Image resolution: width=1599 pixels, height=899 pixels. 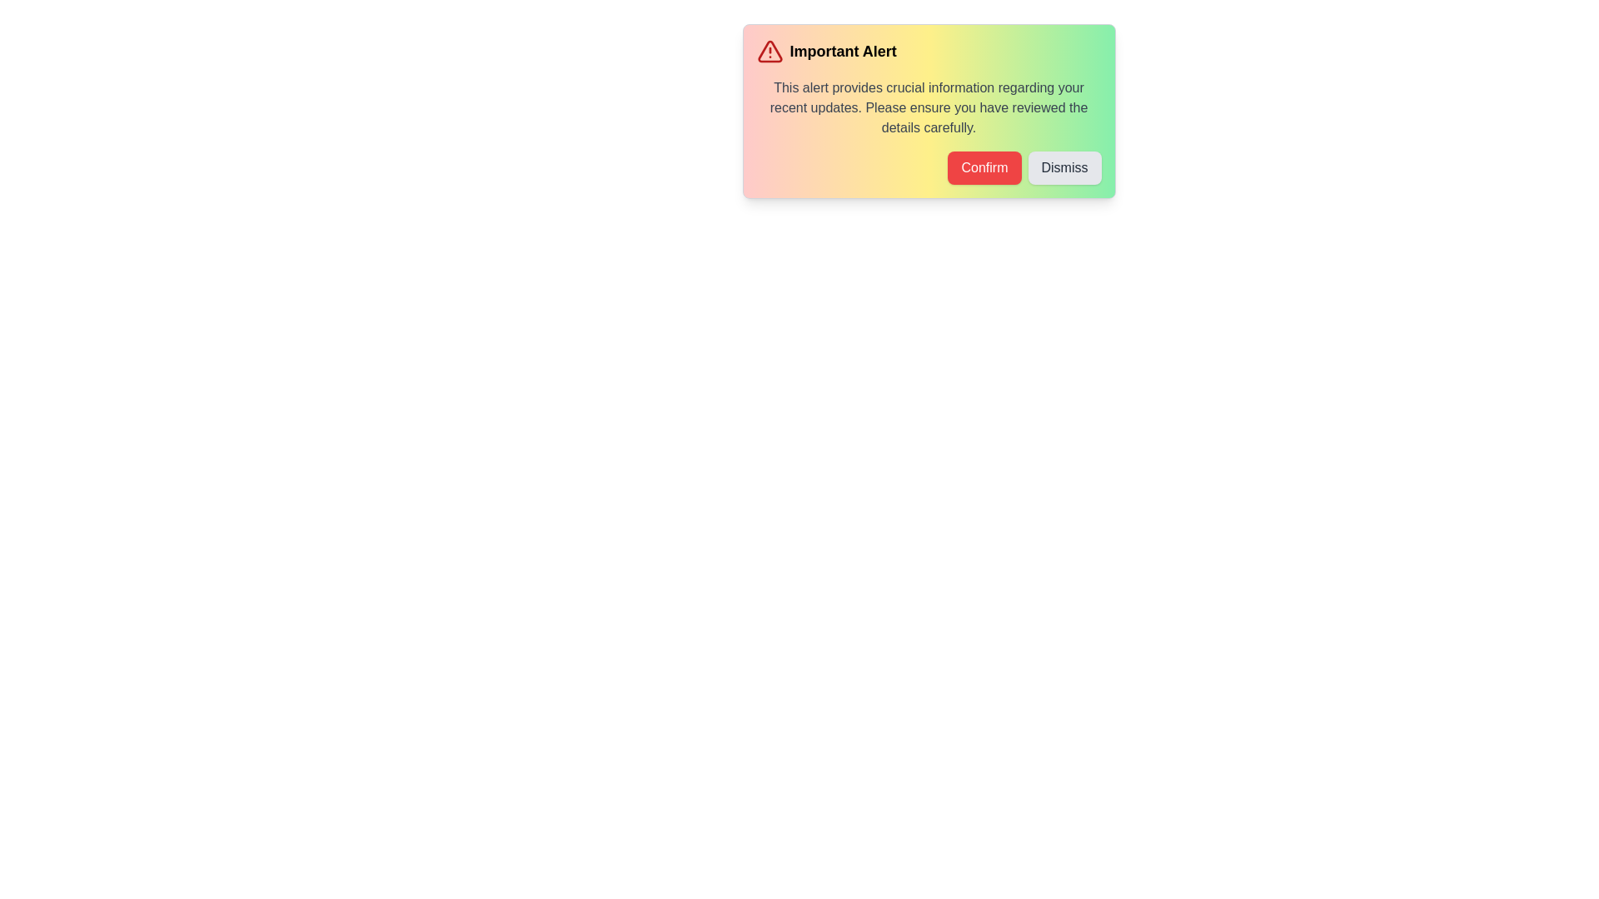 I want to click on the confirmation button located inside the green-to-yellow gradient alert box at the bottom-right, so click(x=984, y=167).